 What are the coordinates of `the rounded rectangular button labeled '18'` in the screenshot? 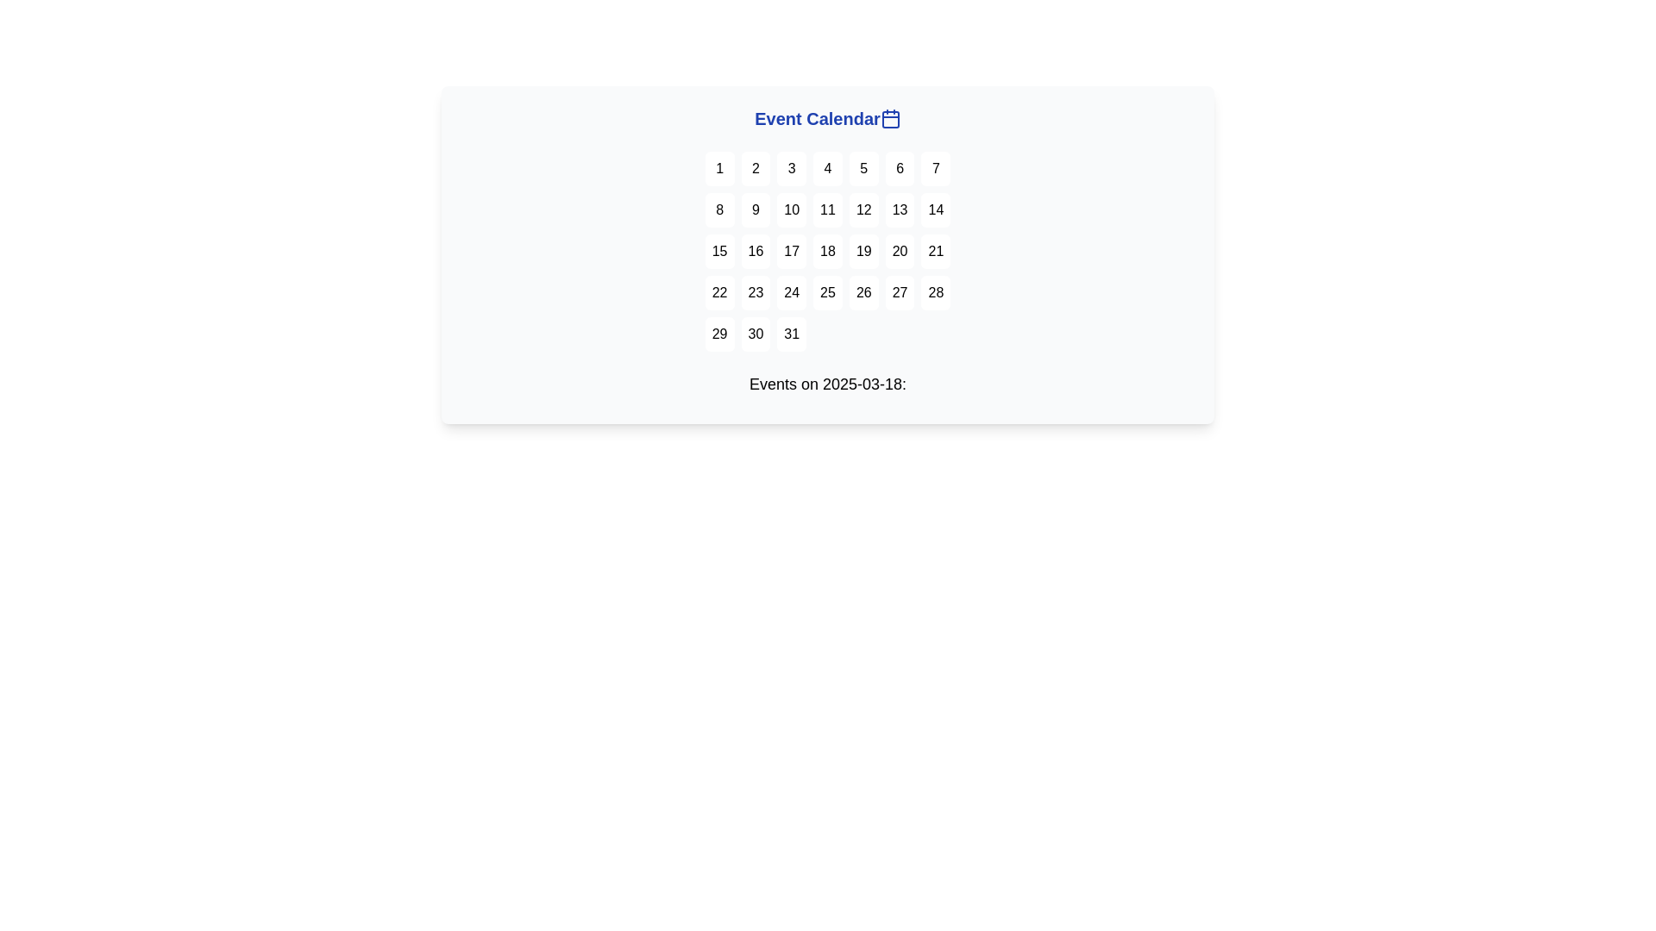 It's located at (828, 252).